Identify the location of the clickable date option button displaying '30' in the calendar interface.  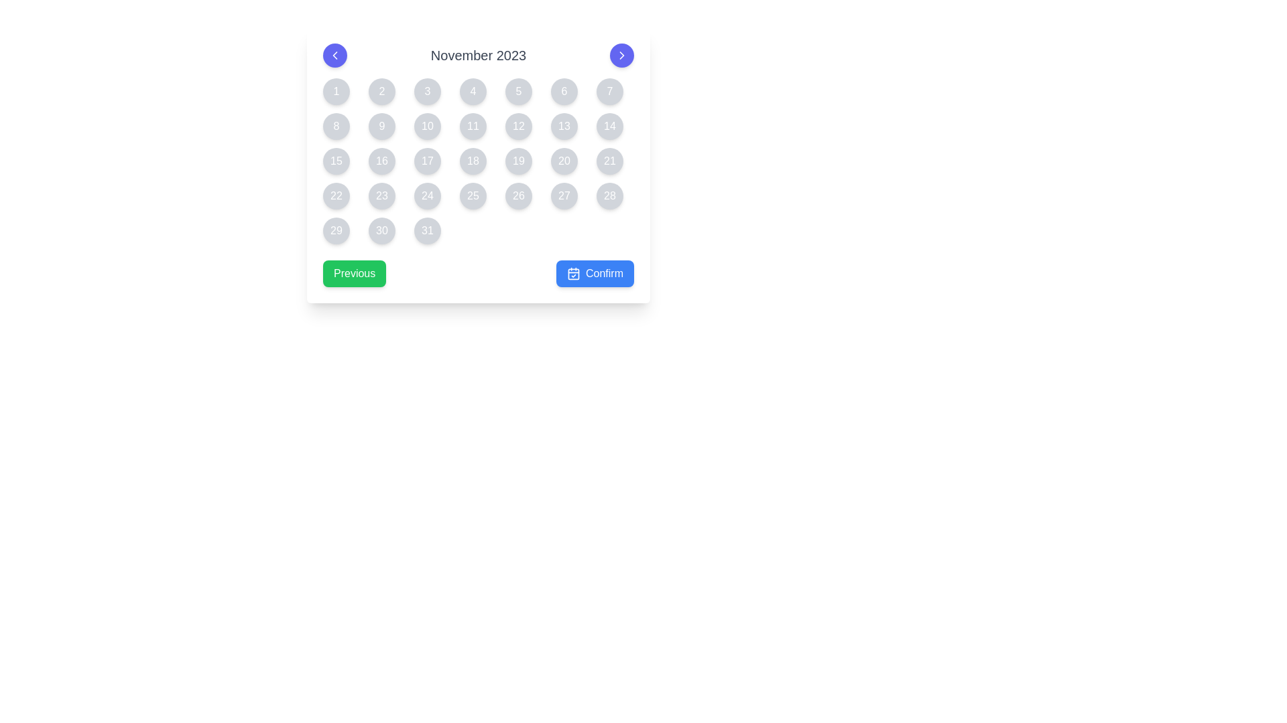
(381, 230).